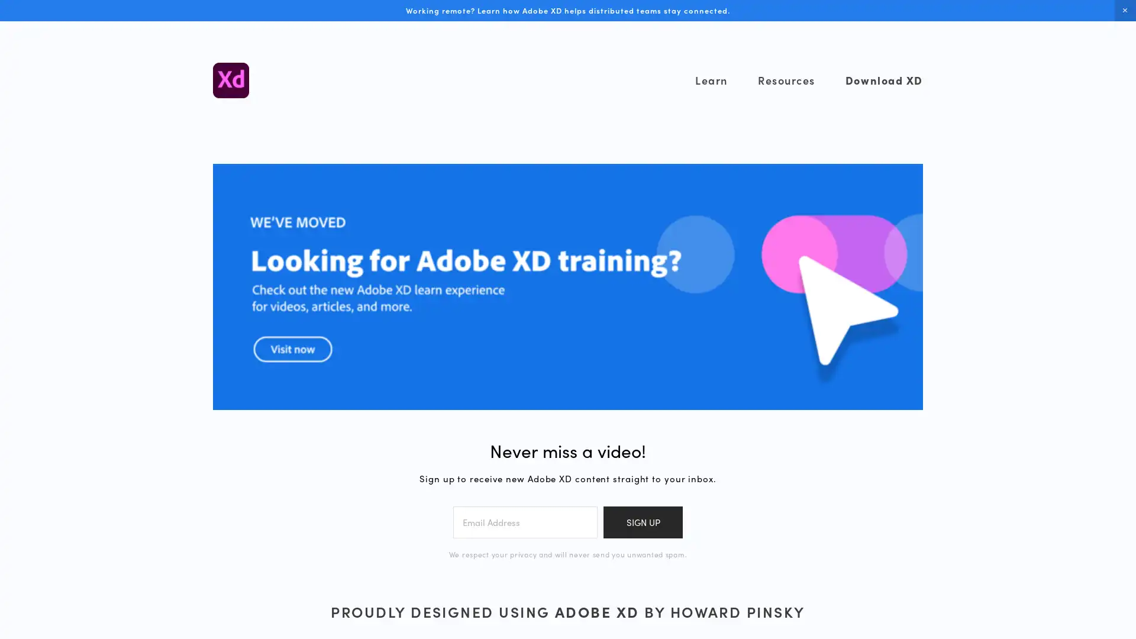 The image size is (1136, 639). Describe the element at coordinates (642, 521) in the screenshot. I see `SIGN UP` at that location.